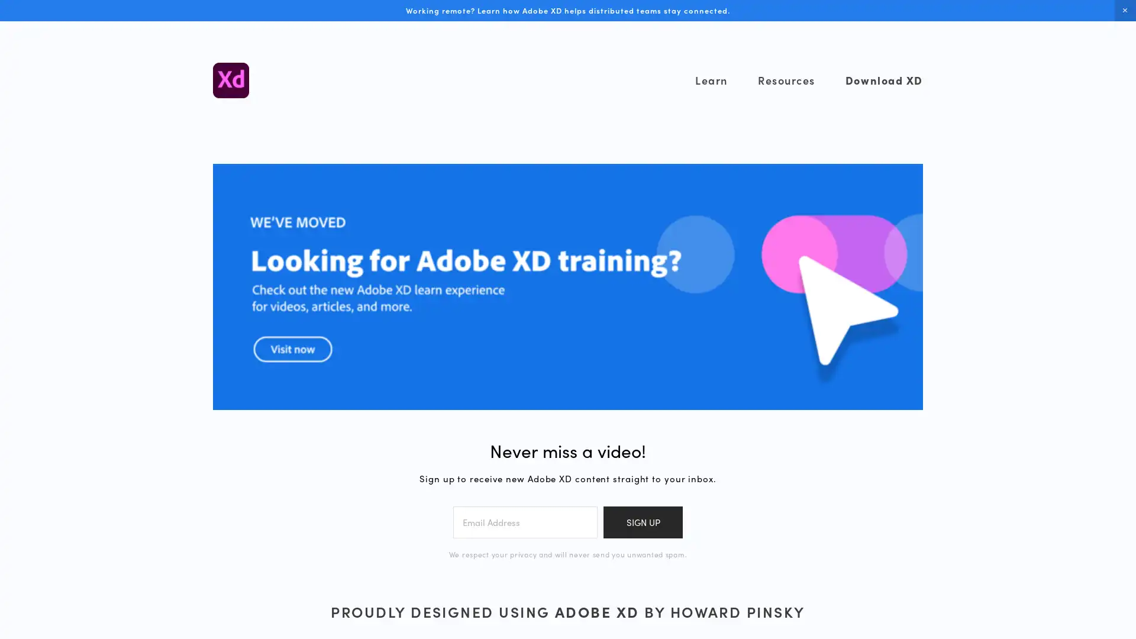 The image size is (1136, 639). Describe the element at coordinates (642, 521) in the screenshot. I see `SIGN UP` at that location.